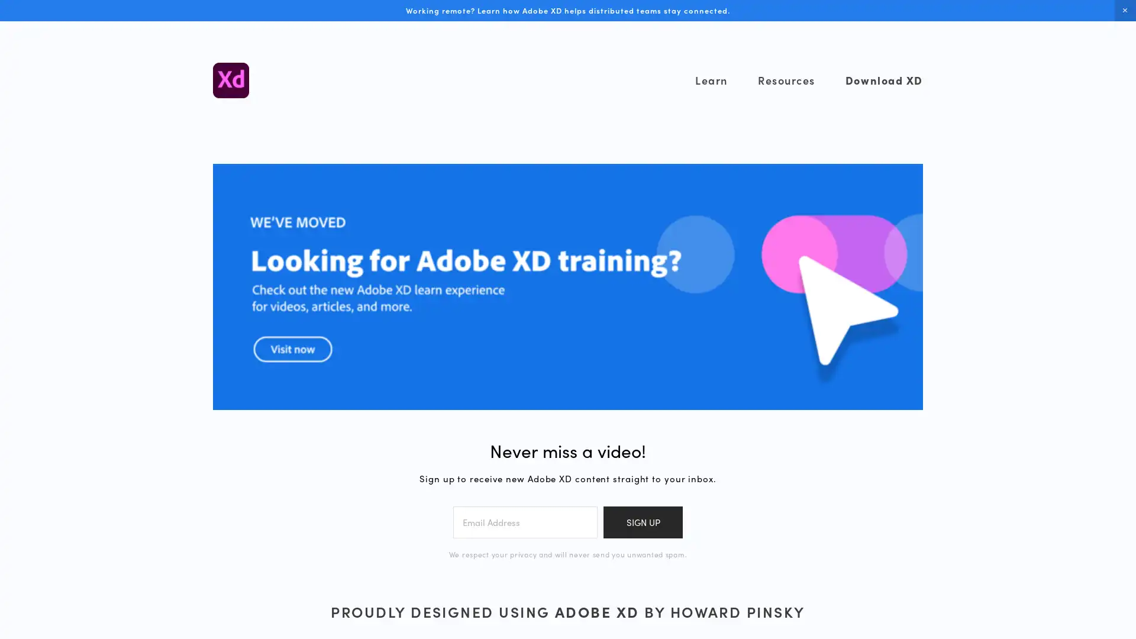 The image size is (1136, 639). Describe the element at coordinates (642, 521) in the screenshot. I see `SIGN UP` at that location.